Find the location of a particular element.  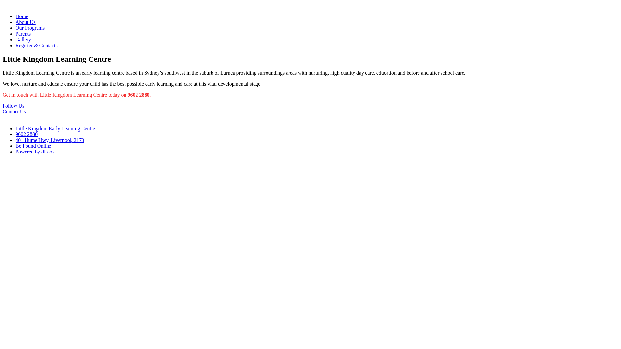

'Little Kingdom Early Learning Centre' is located at coordinates (55, 128).